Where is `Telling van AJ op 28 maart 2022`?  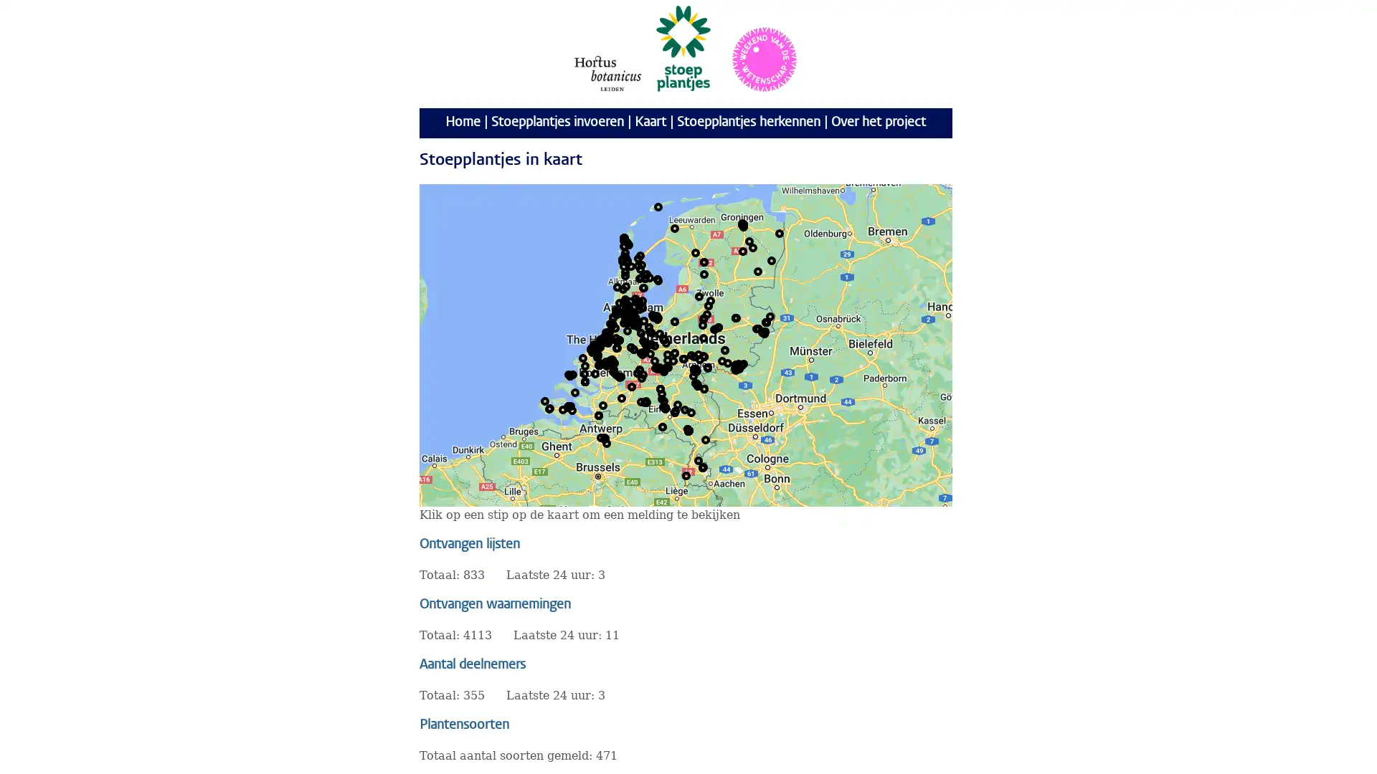
Telling van AJ op 28 maart 2022 is located at coordinates (599, 364).